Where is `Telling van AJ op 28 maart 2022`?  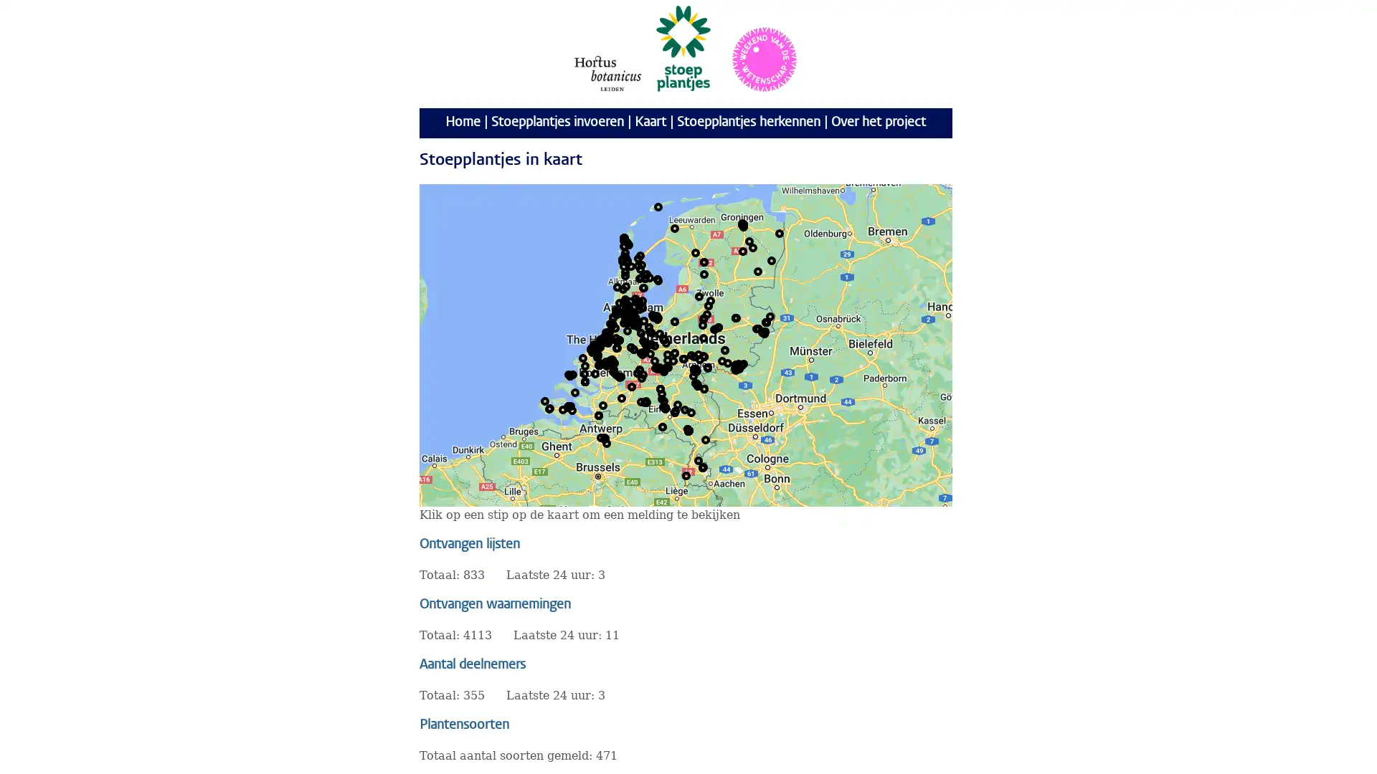
Telling van AJ op 28 maart 2022 is located at coordinates (599, 364).